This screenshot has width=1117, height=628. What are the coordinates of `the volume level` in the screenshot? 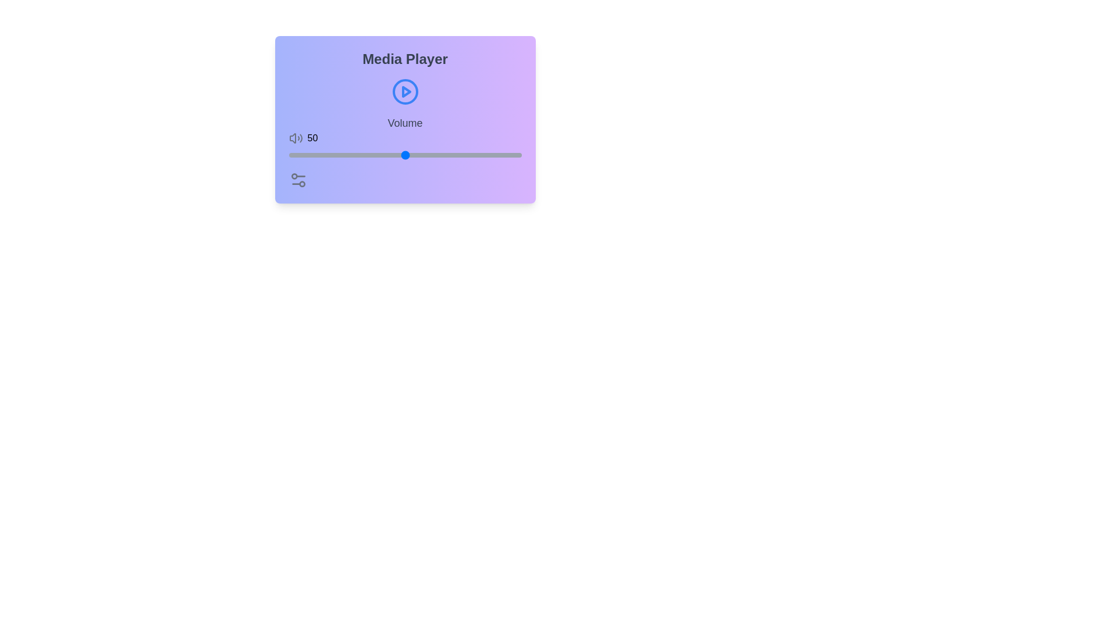 It's located at (328, 154).